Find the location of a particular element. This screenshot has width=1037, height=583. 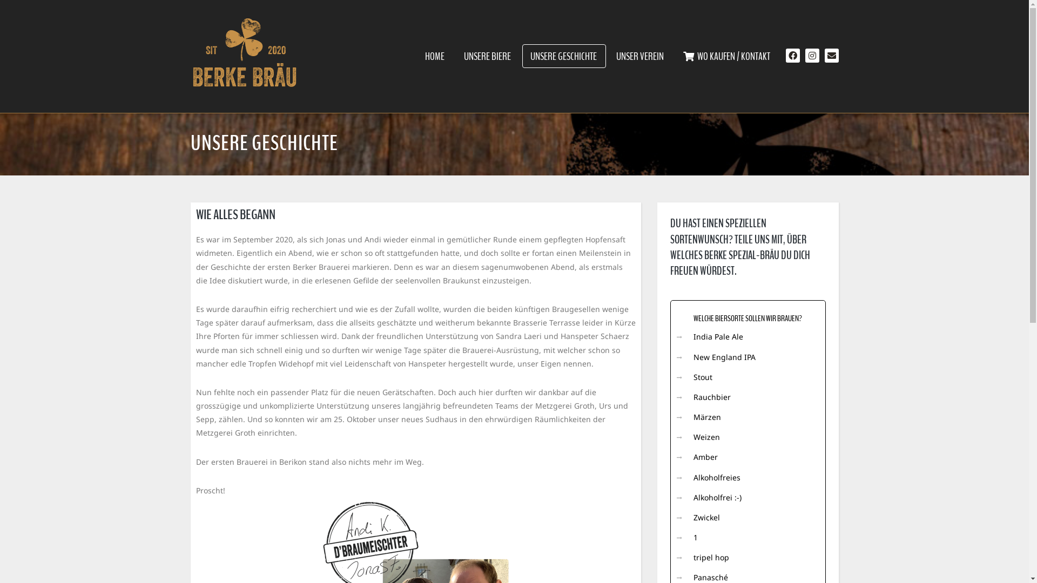

'UNSER VEREIN' is located at coordinates (640, 56).